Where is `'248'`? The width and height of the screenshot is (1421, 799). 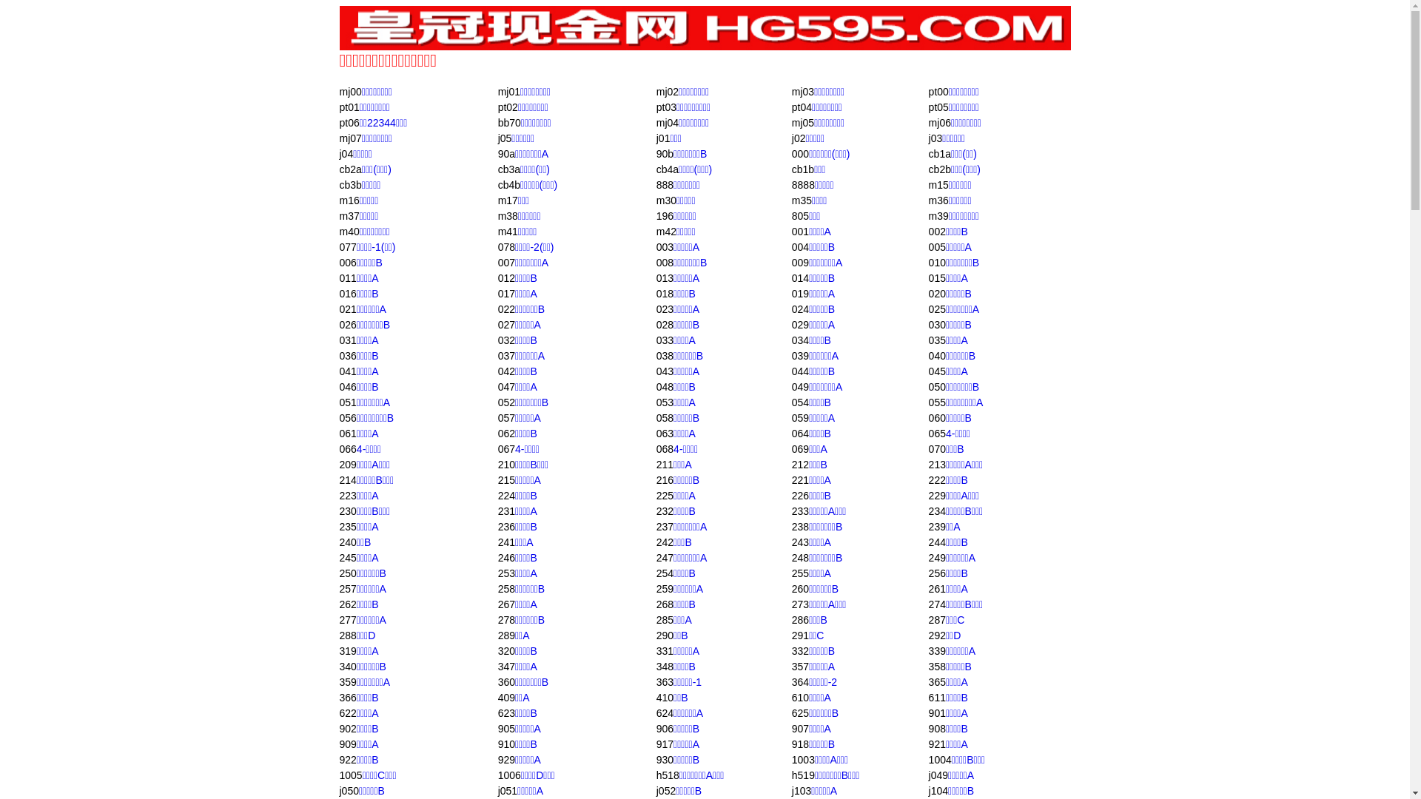
'248' is located at coordinates (791, 557).